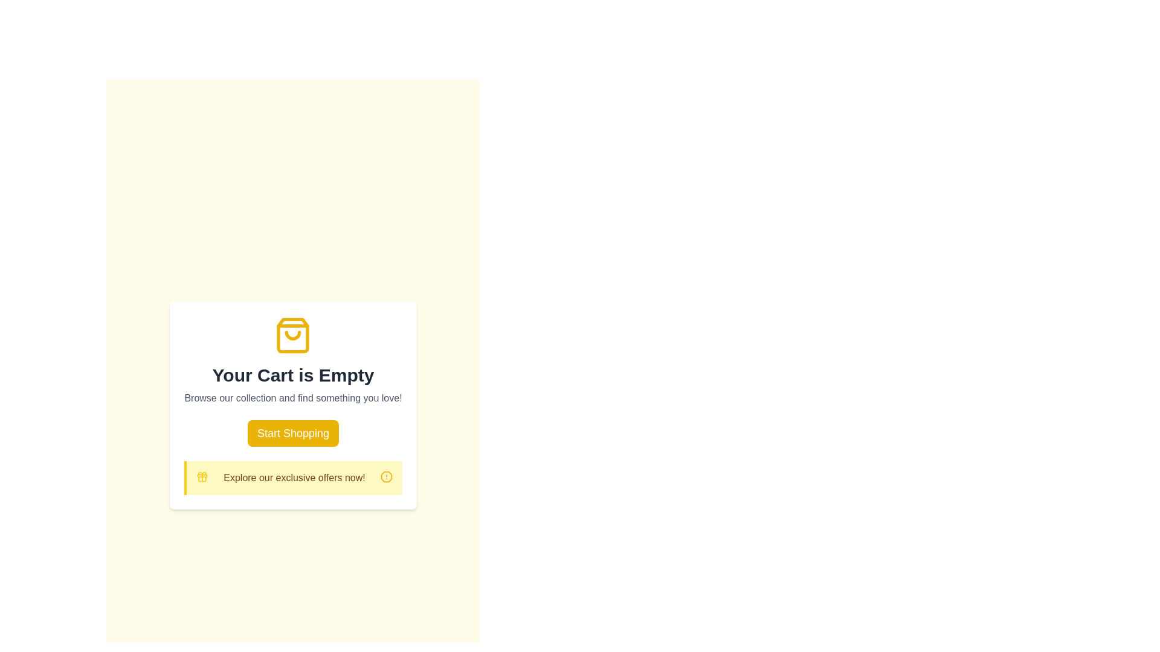  Describe the element at coordinates (385, 476) in the screenshot. I see `the octagonal warning icon with a gold-yellow outline located at the far right of the bottom yellow bar, next` at that location.